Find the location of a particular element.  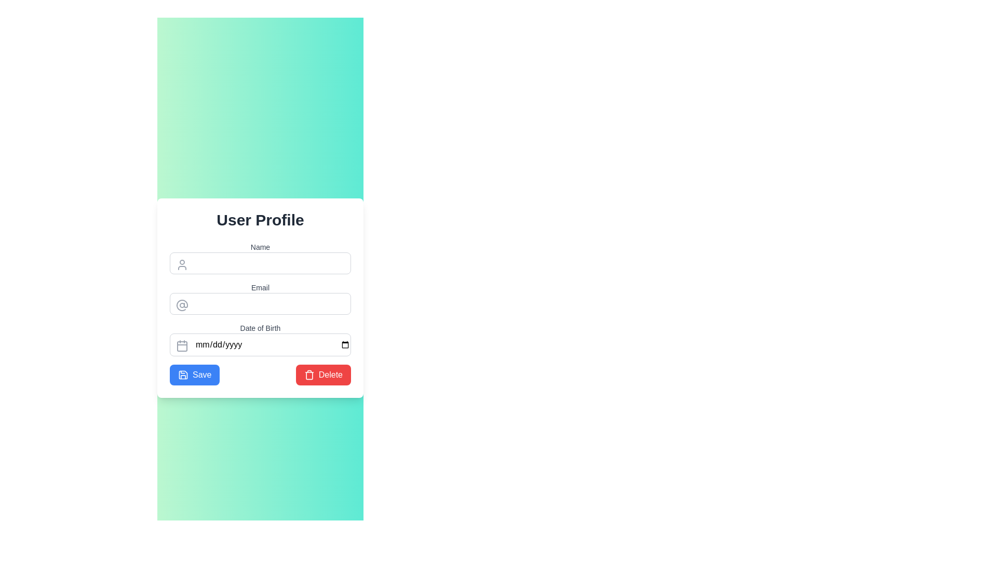

the input field located within the 'User Profile' card is located at coordinates (260, 313).